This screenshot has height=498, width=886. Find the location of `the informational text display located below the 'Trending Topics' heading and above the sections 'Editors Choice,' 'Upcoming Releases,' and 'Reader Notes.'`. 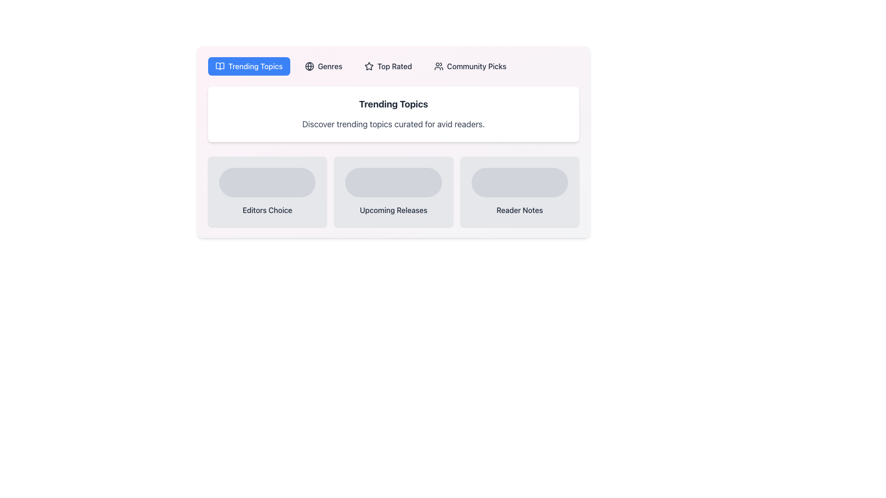

the informational text display located below the 'Trending Topics' heading and above the sections 'Editors Choice,' 'Upcoming Releases,' and 'Reader Notes.' is located at coordinates (394, 125).